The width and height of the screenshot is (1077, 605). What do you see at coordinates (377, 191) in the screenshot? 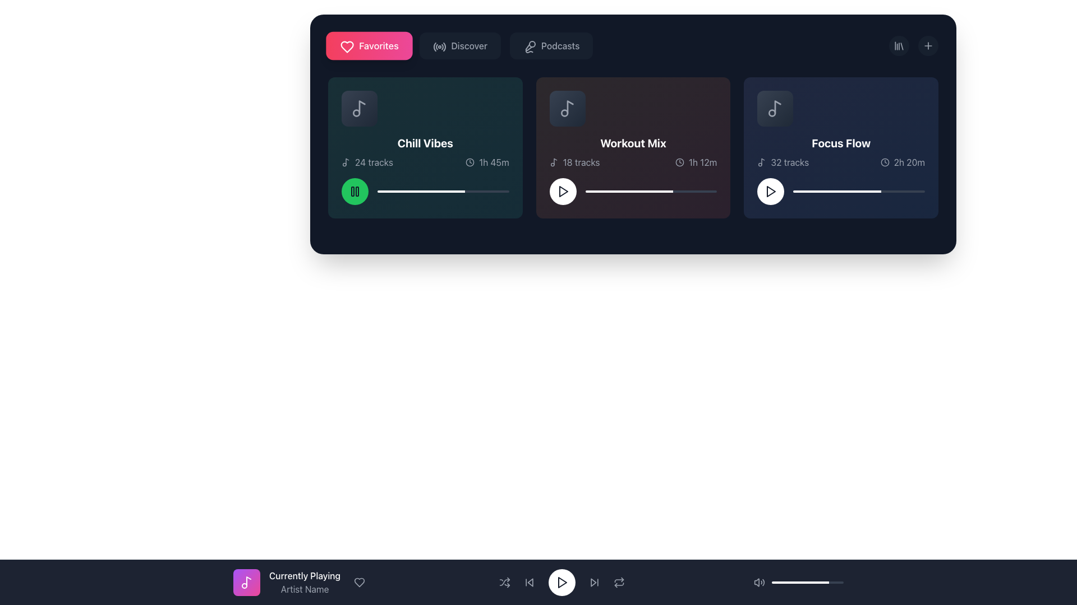
I see `the slider` at bounding box center [377, 191].